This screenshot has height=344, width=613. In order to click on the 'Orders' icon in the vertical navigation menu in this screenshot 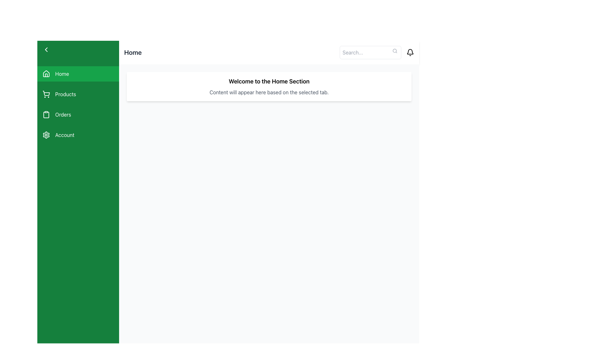, I will do `click(46, 114)`.